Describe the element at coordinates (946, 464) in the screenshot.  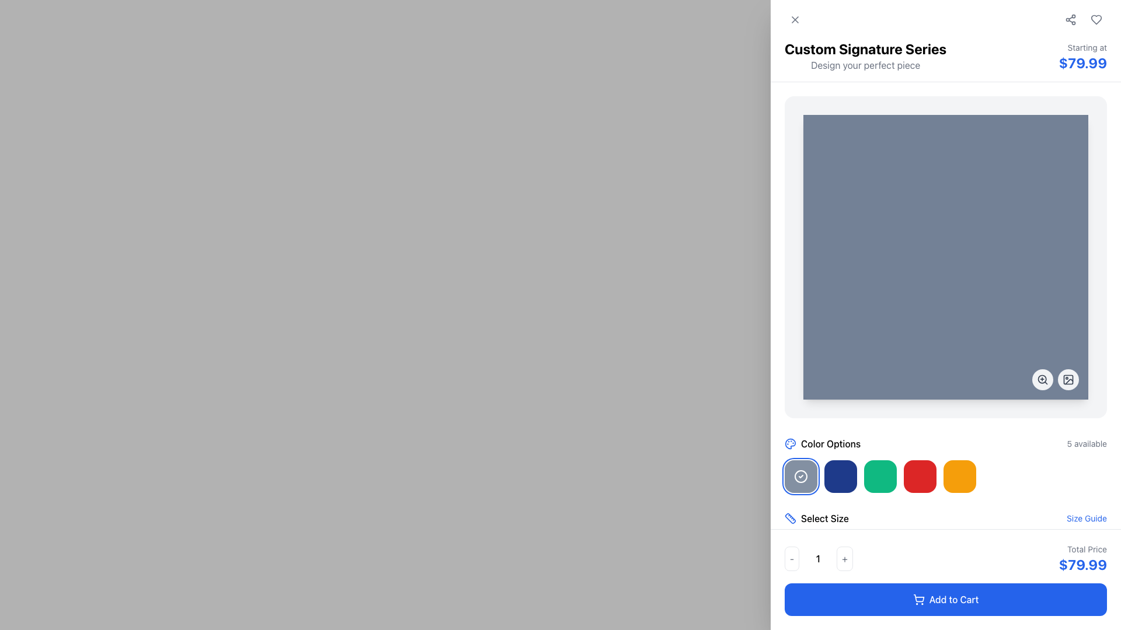
I see `the selected color square in the Color Selector, which is visually represented by color-coded squares with rounded corners and outlined with a blue ring, located below the main product image and above the size selection section` at that location.